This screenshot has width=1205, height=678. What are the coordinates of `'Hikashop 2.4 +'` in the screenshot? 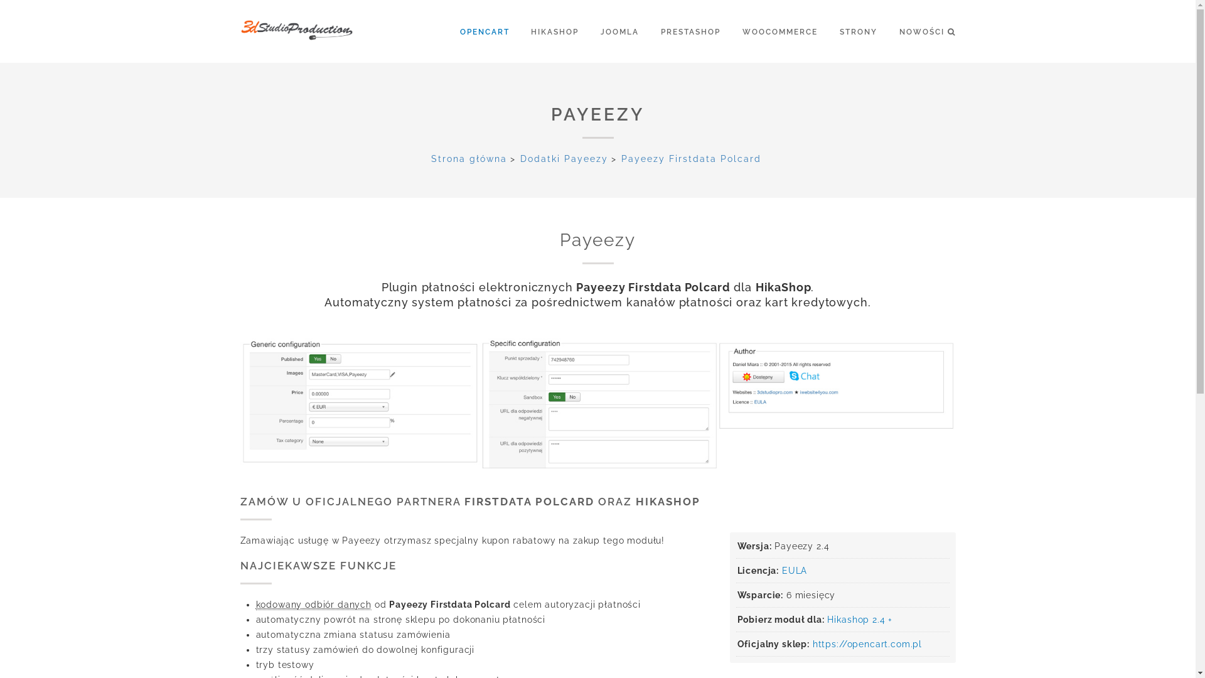 It's located at (827, 619).